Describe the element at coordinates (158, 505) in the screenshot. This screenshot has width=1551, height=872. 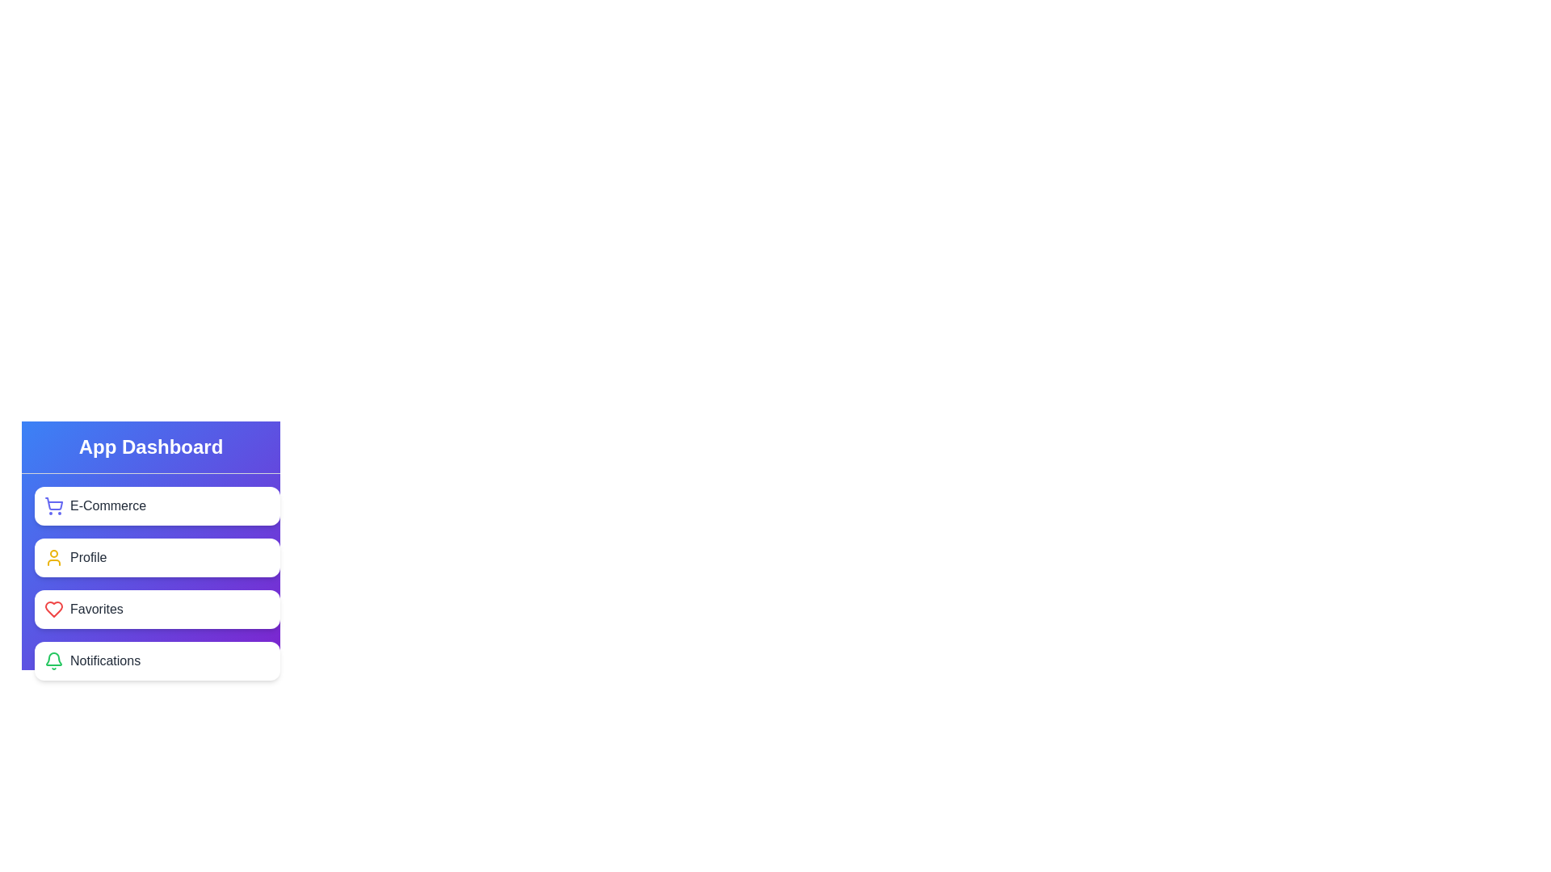
I see `the element corresponding to E-Commerce` at that location.